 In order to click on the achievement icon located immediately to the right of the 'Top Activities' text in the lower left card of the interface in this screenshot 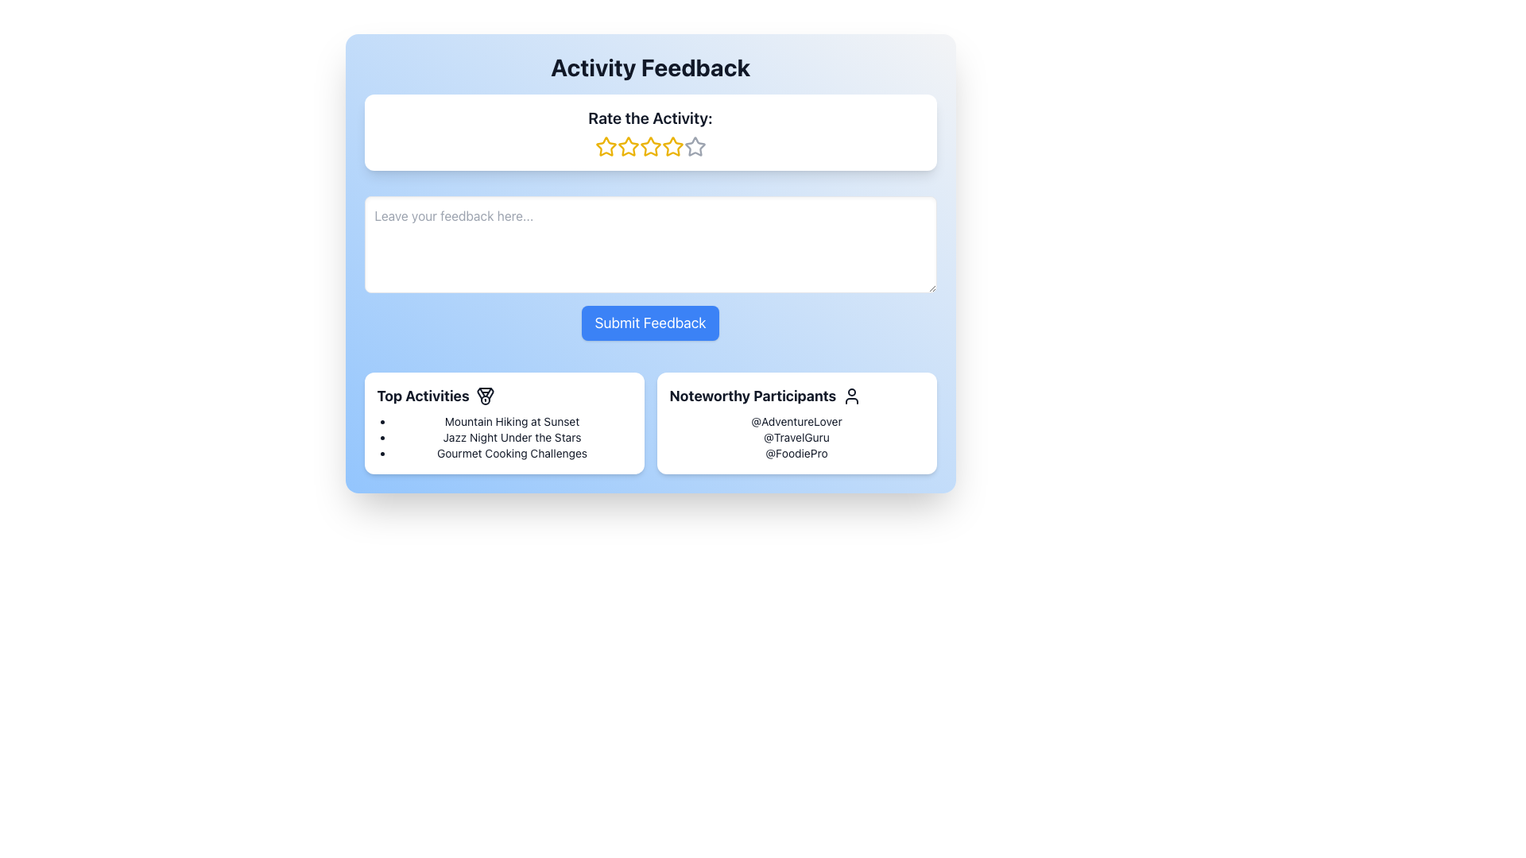, I will do `click(484, 395)`.